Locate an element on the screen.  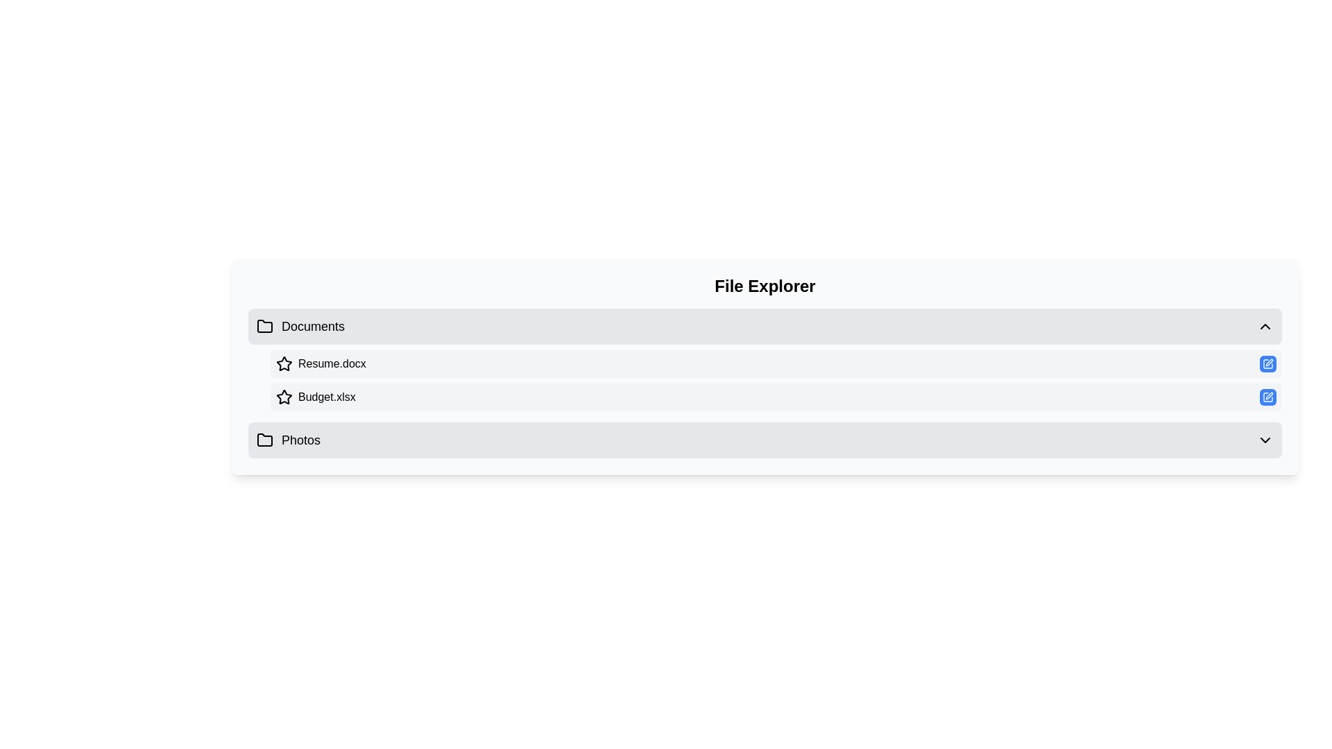
the folder icon located to the left of the 'Photos' label in the file explorer interface is located at coordinates (265, 440).